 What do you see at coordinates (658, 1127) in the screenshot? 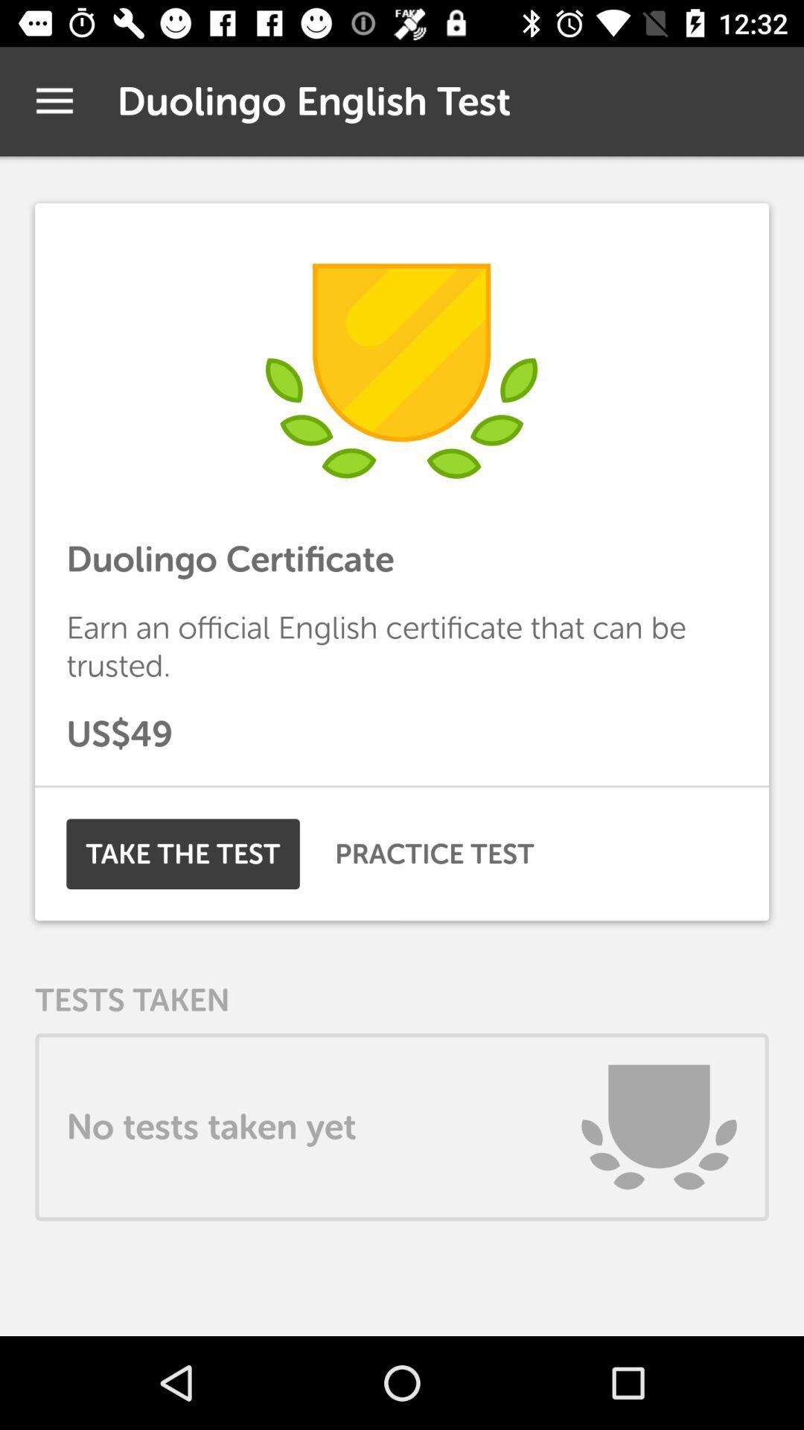
I see `the item to the right of the no tests taken icon` at bounding box center [658, 1127].